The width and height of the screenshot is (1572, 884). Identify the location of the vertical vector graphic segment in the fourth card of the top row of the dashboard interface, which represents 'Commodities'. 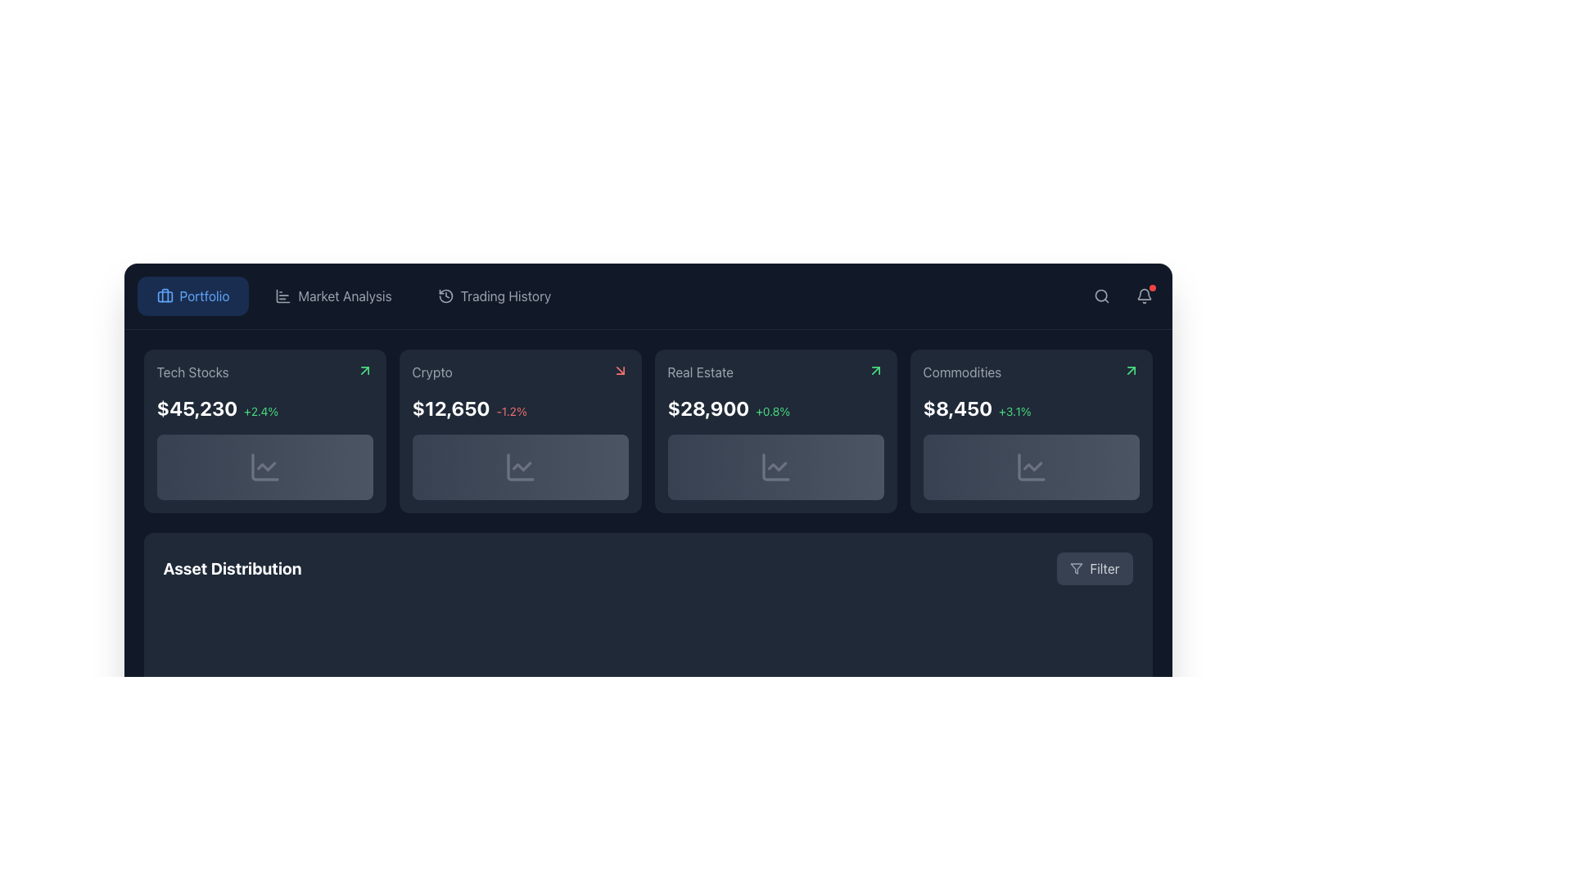
(1030, 467).